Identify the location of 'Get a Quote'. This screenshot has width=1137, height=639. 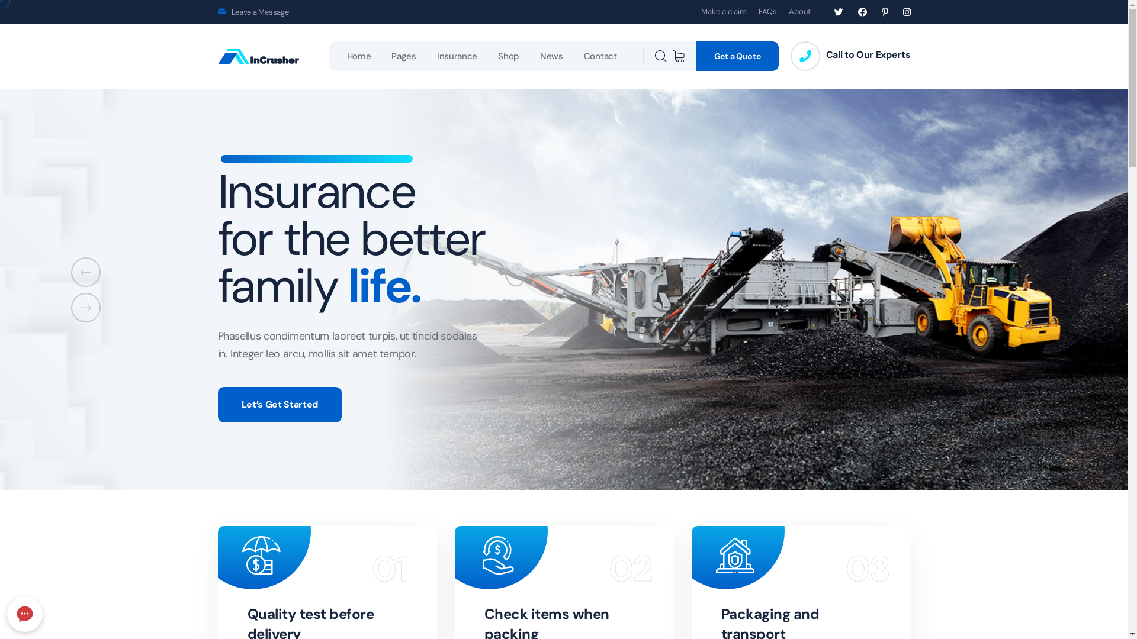
(737, 56).